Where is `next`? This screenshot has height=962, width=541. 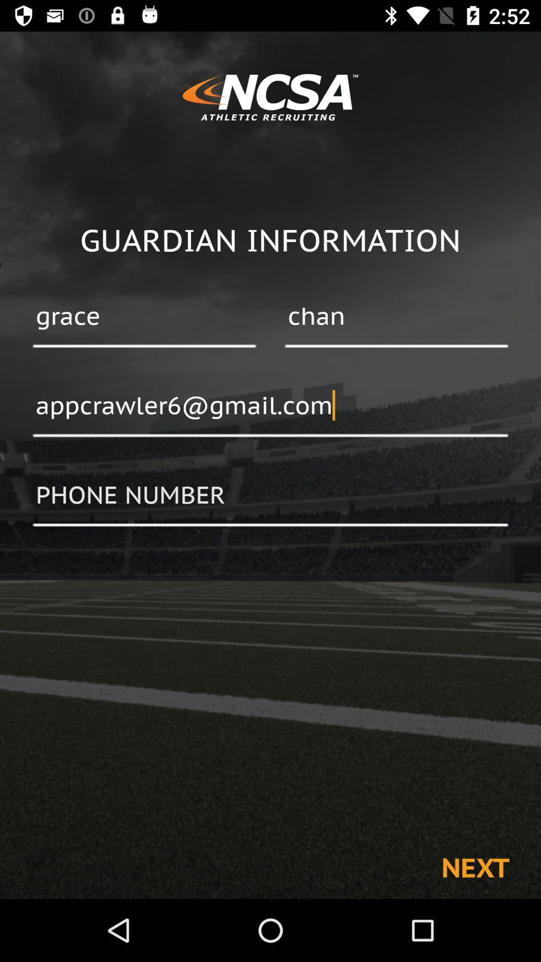
next is located at coordinates (475, 867).